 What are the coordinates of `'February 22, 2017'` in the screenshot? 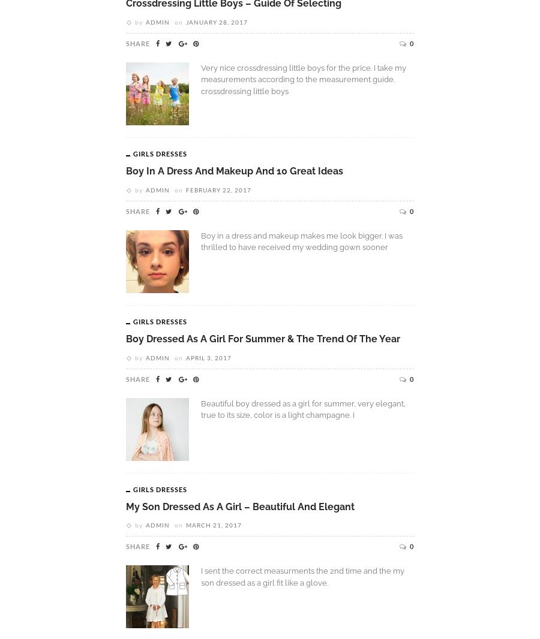 It's located at (218, 189).